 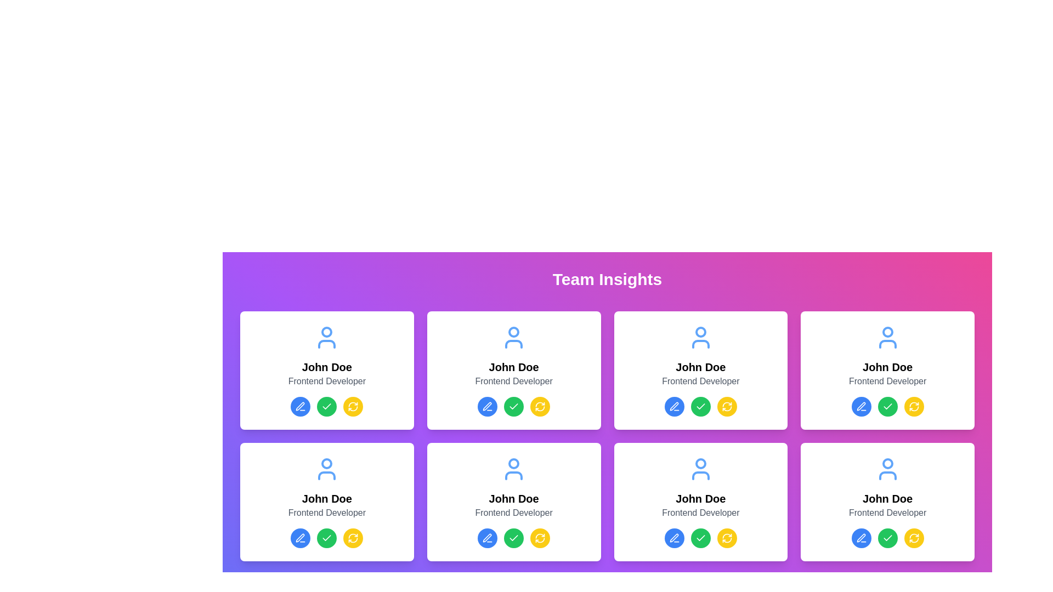 I want to click on the checkmark icon located in the action icon row at the bottom of the fourth card in the last row of the grid layout to confirm an action, so click(x=887, y=537).